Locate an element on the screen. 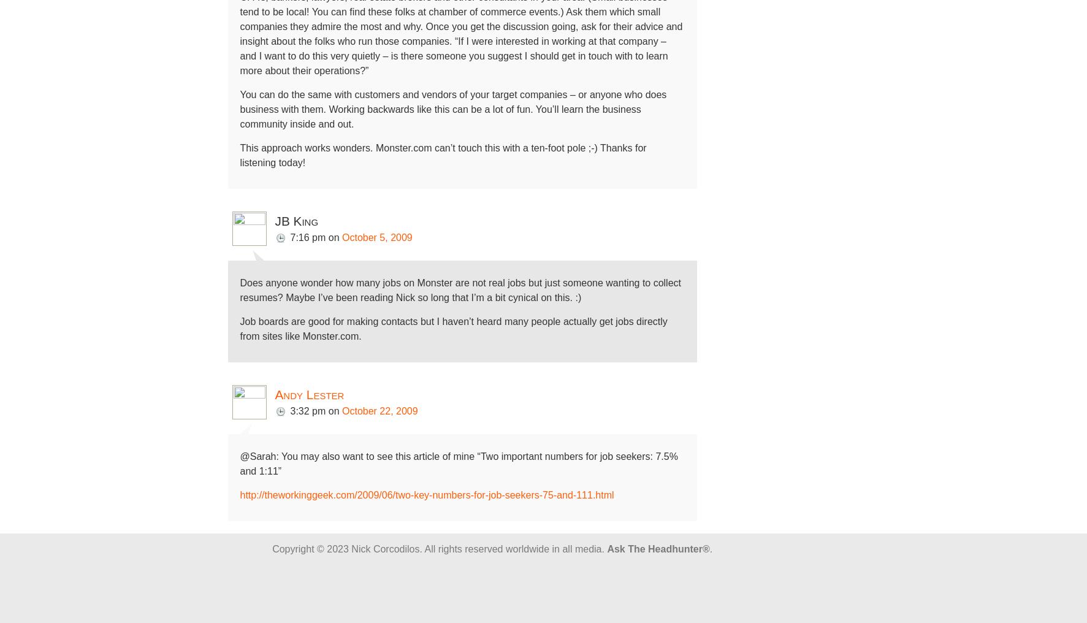 This screenshot has width=1087, height=623. '7:16 pm' is located at coordinates (307, 237).